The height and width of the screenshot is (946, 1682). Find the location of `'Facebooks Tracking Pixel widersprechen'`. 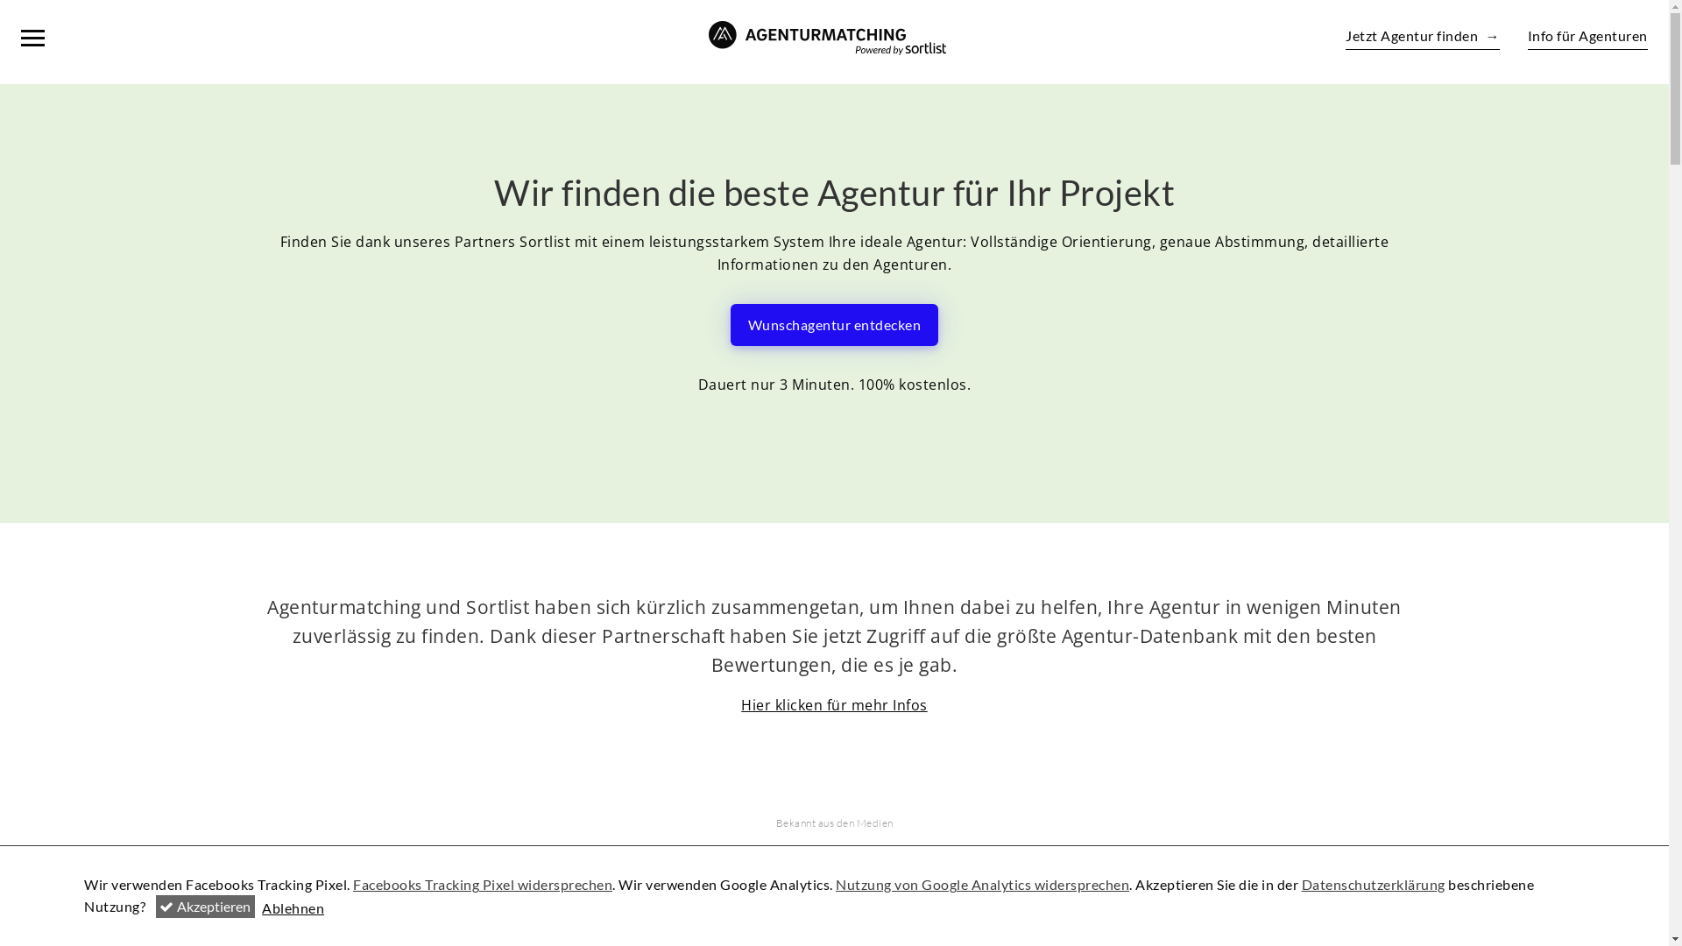

'Facebooks Tracking Pixel widersprechen' is located at coordinates (483, 884).